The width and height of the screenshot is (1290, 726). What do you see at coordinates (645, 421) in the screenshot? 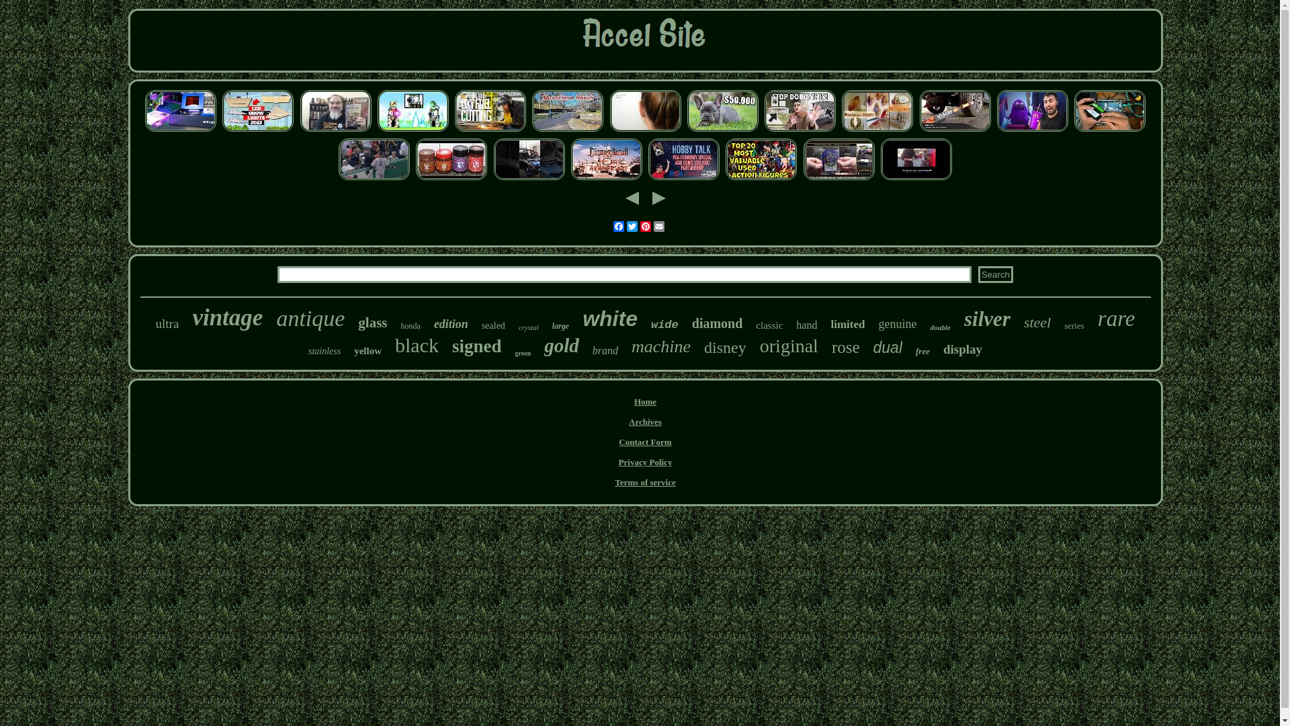
I see `'Archives'` at bounding box center [645, 421].